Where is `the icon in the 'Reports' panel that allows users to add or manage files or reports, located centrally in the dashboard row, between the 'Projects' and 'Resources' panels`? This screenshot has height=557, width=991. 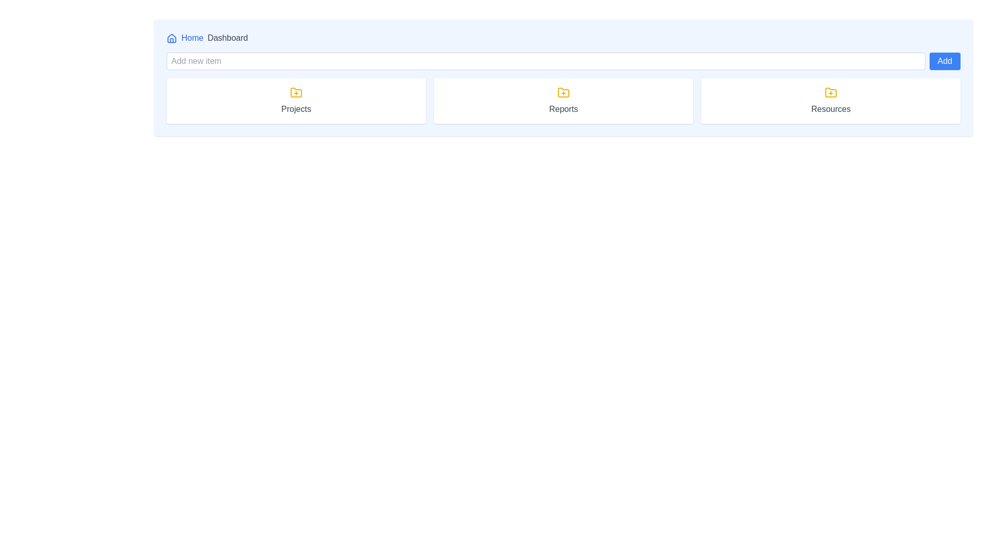
the icon in the 'Reports' panel that allows users to add or manage files or reports, located centrally in the dashboard row, between the 'Projects' and 'Resources' panels is located at coordinates (563, 93).